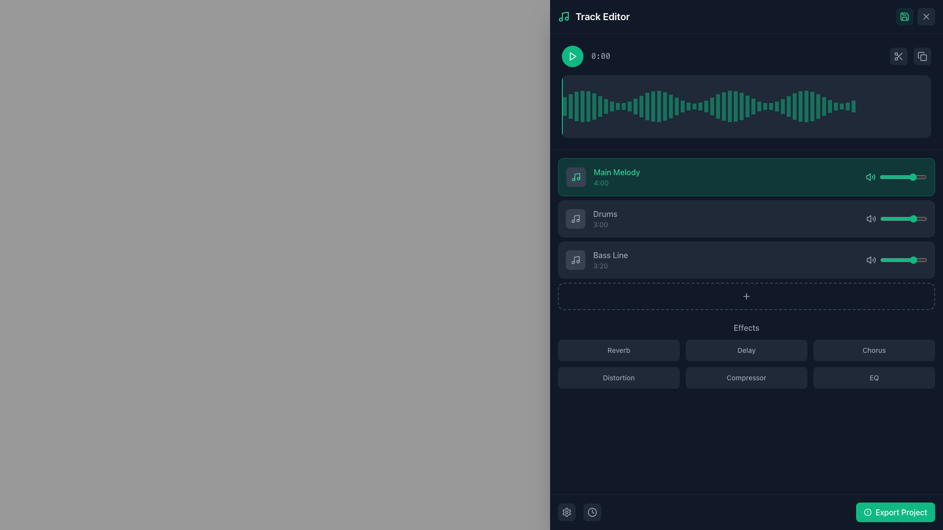 This screenshot has height=530, width=943. Describe the element at coordinates (915, 177) in the screenshot. I see `the slider value` at that location.